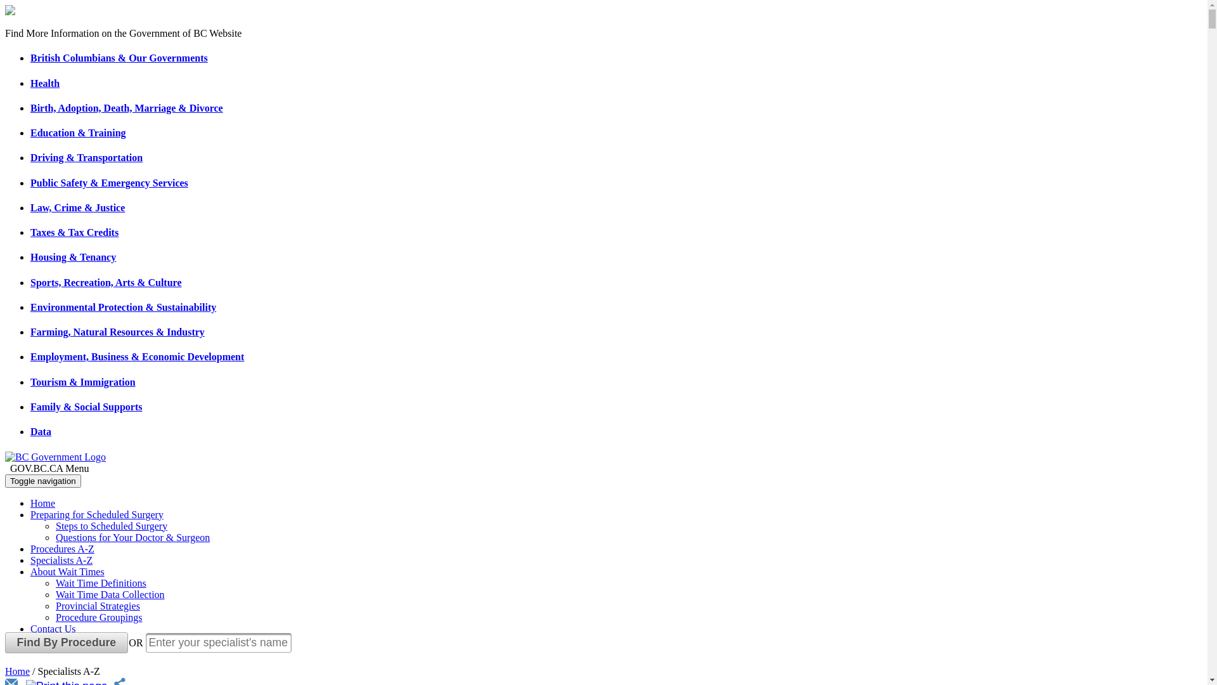 The width and height of the screenshot is (1217, 685). What do you see at coordinates (119, 58) in the screenshot?
I see `'British Columbians & Our Governments'` at bounding box center [119, 58].